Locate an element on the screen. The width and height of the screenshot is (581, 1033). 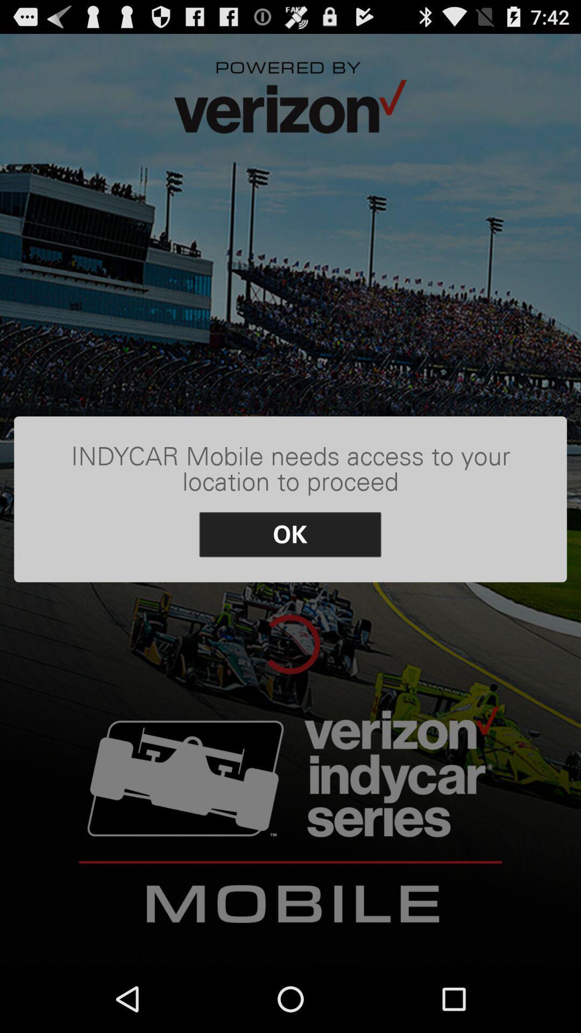
the ok item is located at coordinates (289, 534).